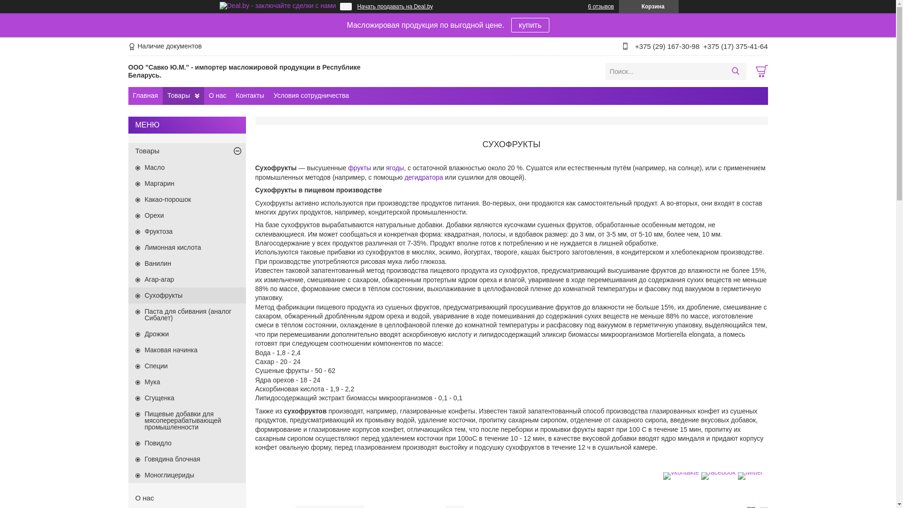 Image resolution: width=903 pixels, height=508 pixels. What do you see at coordinates (718, 472) in the screenshot?
I see `'facebook'` at bounding box center [718, 472].